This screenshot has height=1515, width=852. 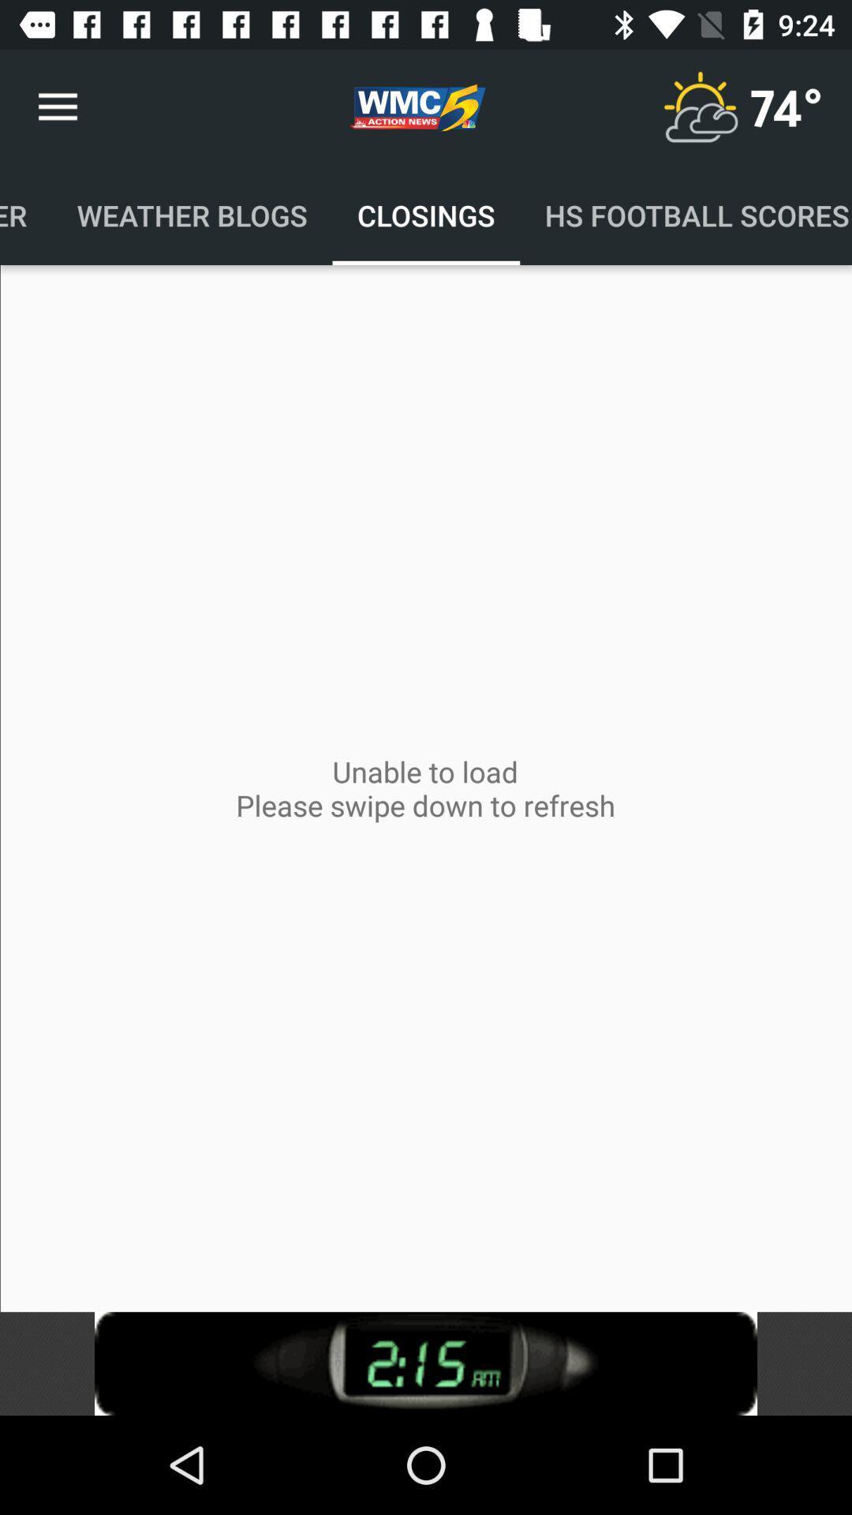 I want to click on check climate option, so click(x=699, y=107).